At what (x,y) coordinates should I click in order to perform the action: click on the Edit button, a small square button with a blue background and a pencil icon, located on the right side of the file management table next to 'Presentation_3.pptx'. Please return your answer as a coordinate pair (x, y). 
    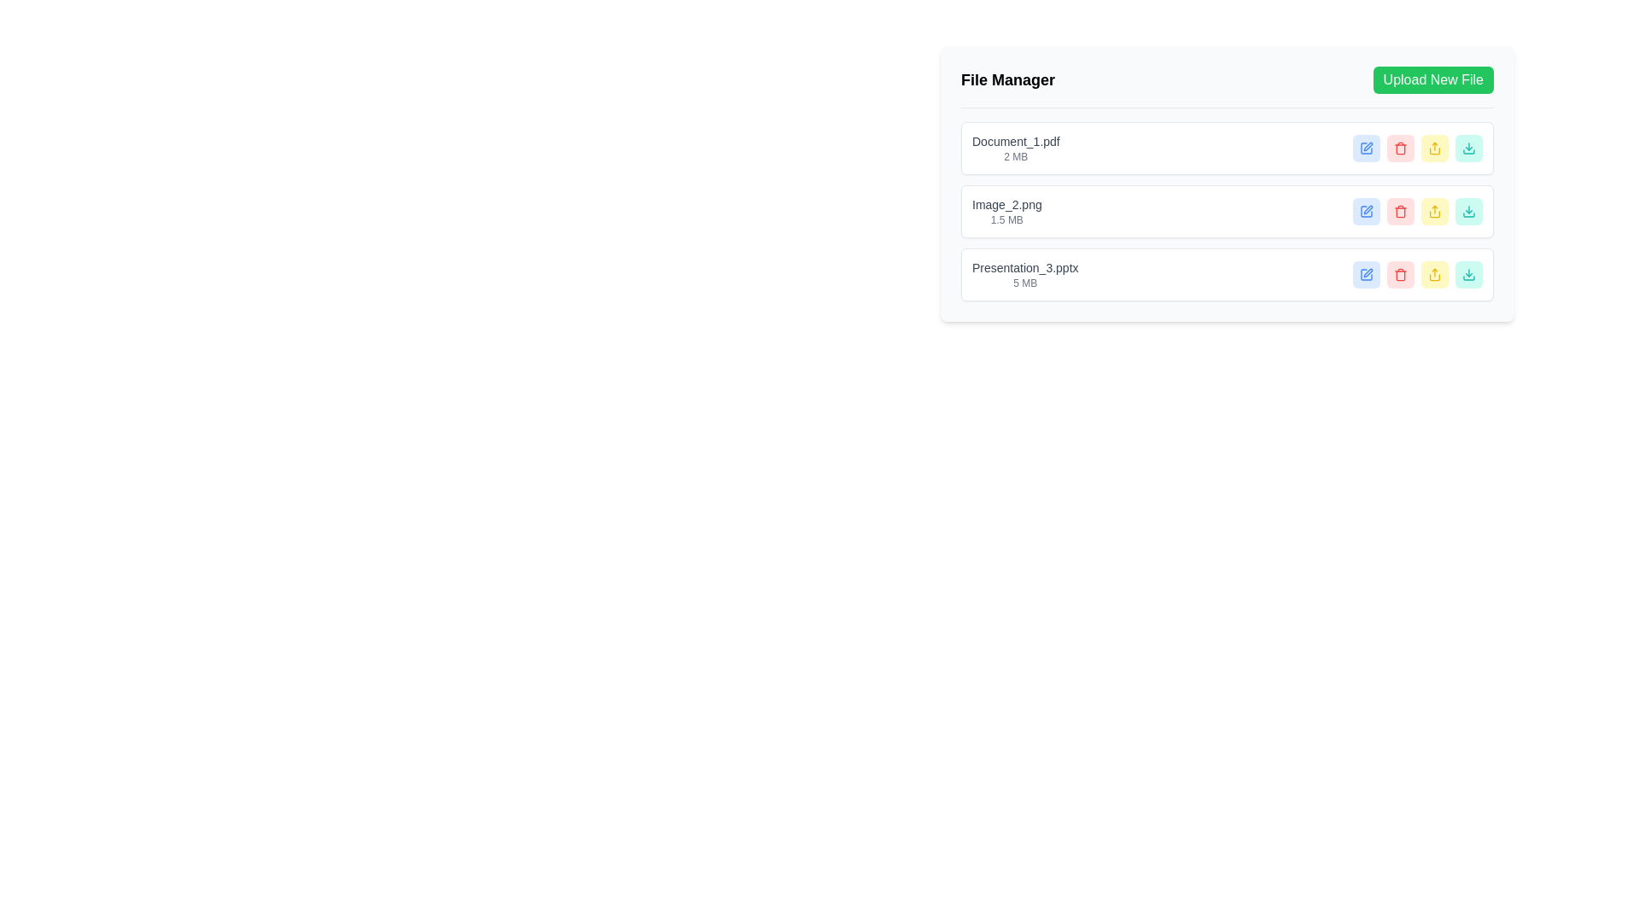
    Looking at the image, I should click on (1367, 273).